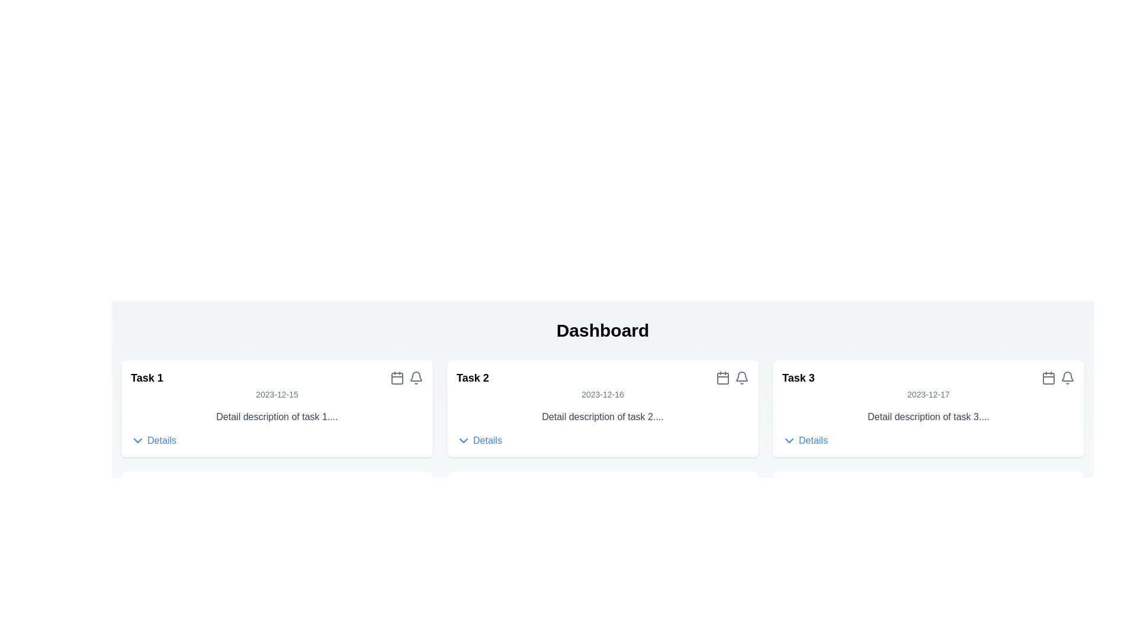 The image size is (1137, 639). What do you see at coordinates (479, 440) in the screenshot?
I see `the 'Details' button located at the bottom-left of the 'Task 2' card` at bounding box center [479, 440].